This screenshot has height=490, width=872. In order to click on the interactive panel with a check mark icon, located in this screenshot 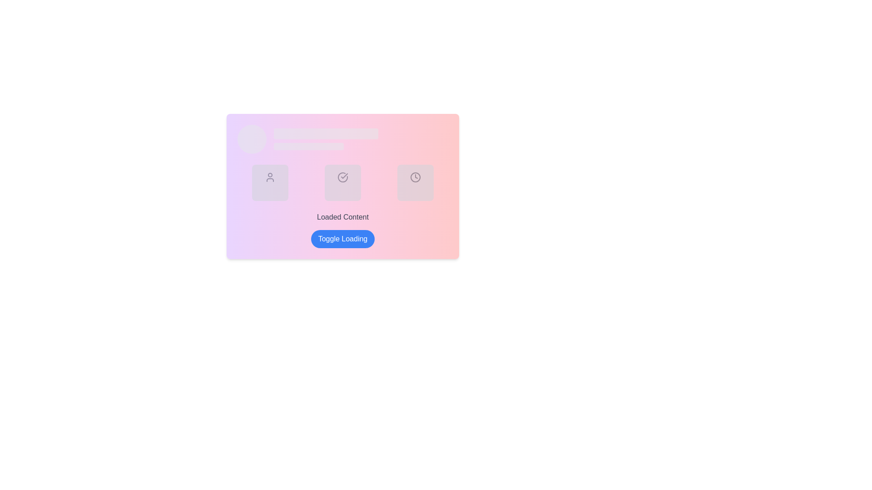, I will do `click(342, 182)`.